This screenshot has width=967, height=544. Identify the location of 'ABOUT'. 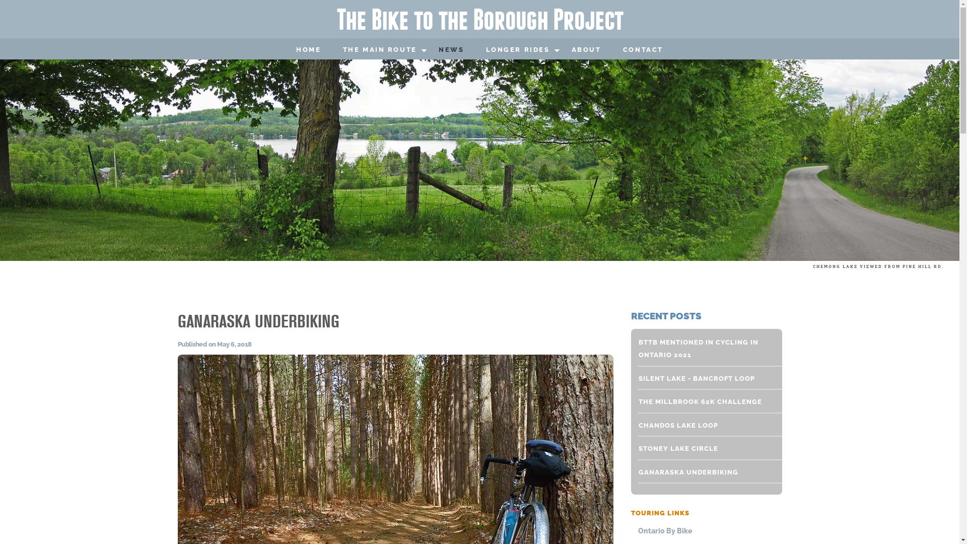
(586, 50).